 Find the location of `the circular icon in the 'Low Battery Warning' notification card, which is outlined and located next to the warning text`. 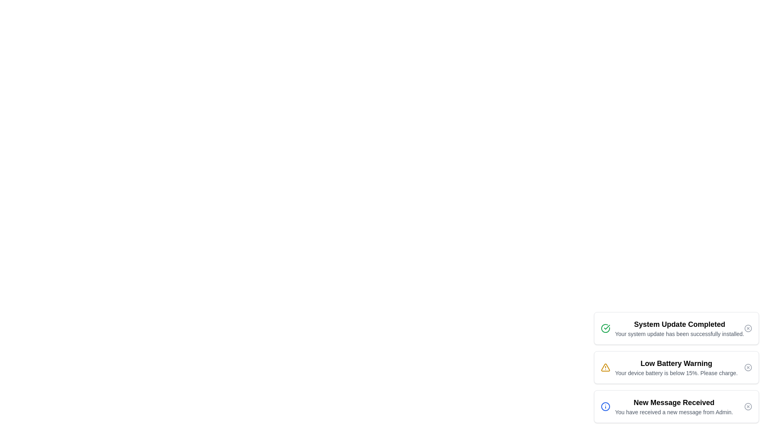

the circular icon in the 'Low Battery Warning' notification card, which is outlined and located next to the warning text is located at coordinates (747, 368).